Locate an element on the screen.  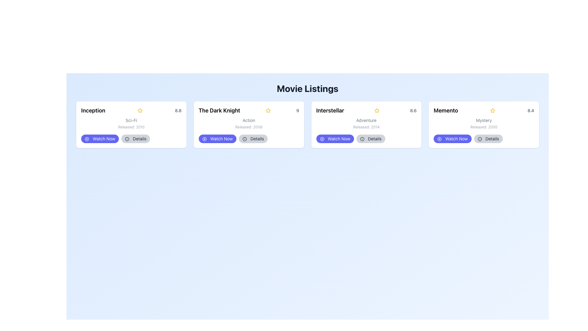
the decorative star icon element with yellow color adjacent to the title 'Interstellar' and the rating '8.6' is located at coordinates (377, 111).